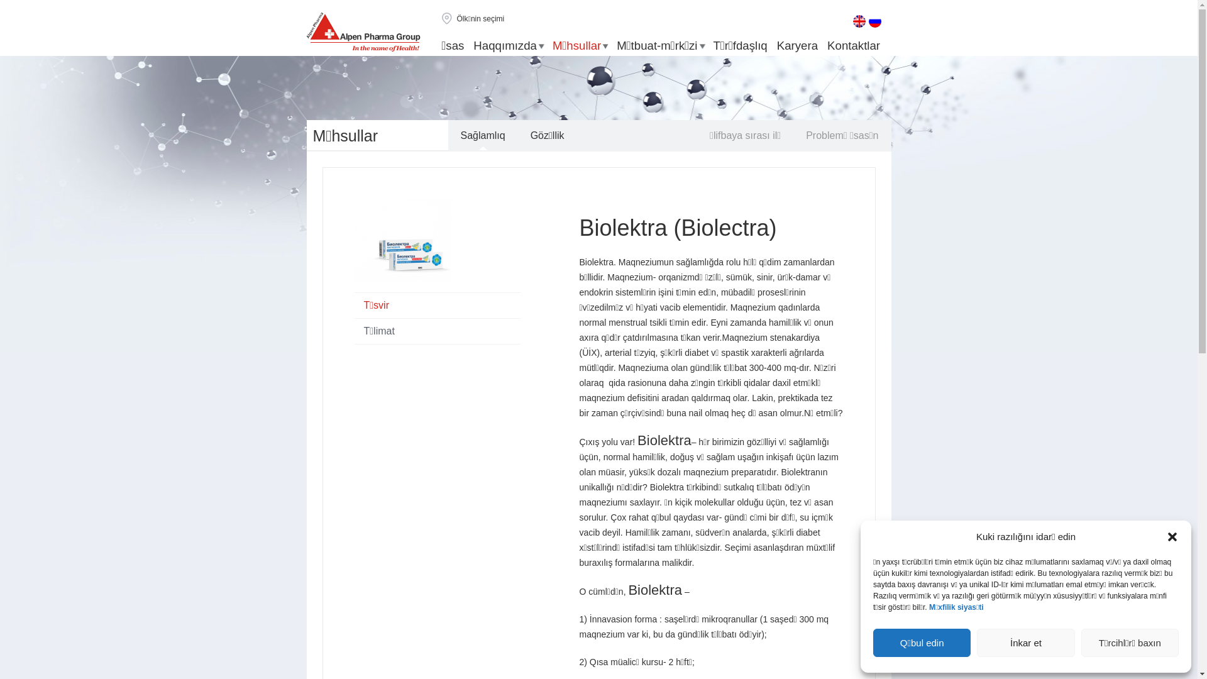  I want to click on 'Karyera', so click(796, 45).